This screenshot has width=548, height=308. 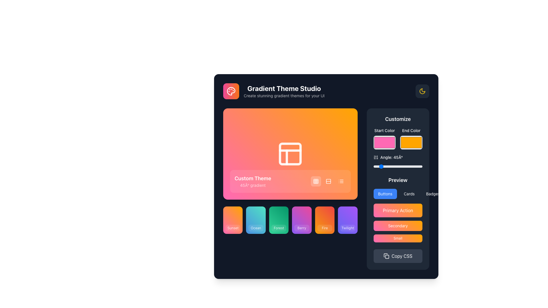 What do you see at coordinates (397, 209) in the screenshot?
I see `the 'Primary Action' button located in the right-side panel under the 'Preview' section to initiate the primary action` at bounding box center [397, 209].